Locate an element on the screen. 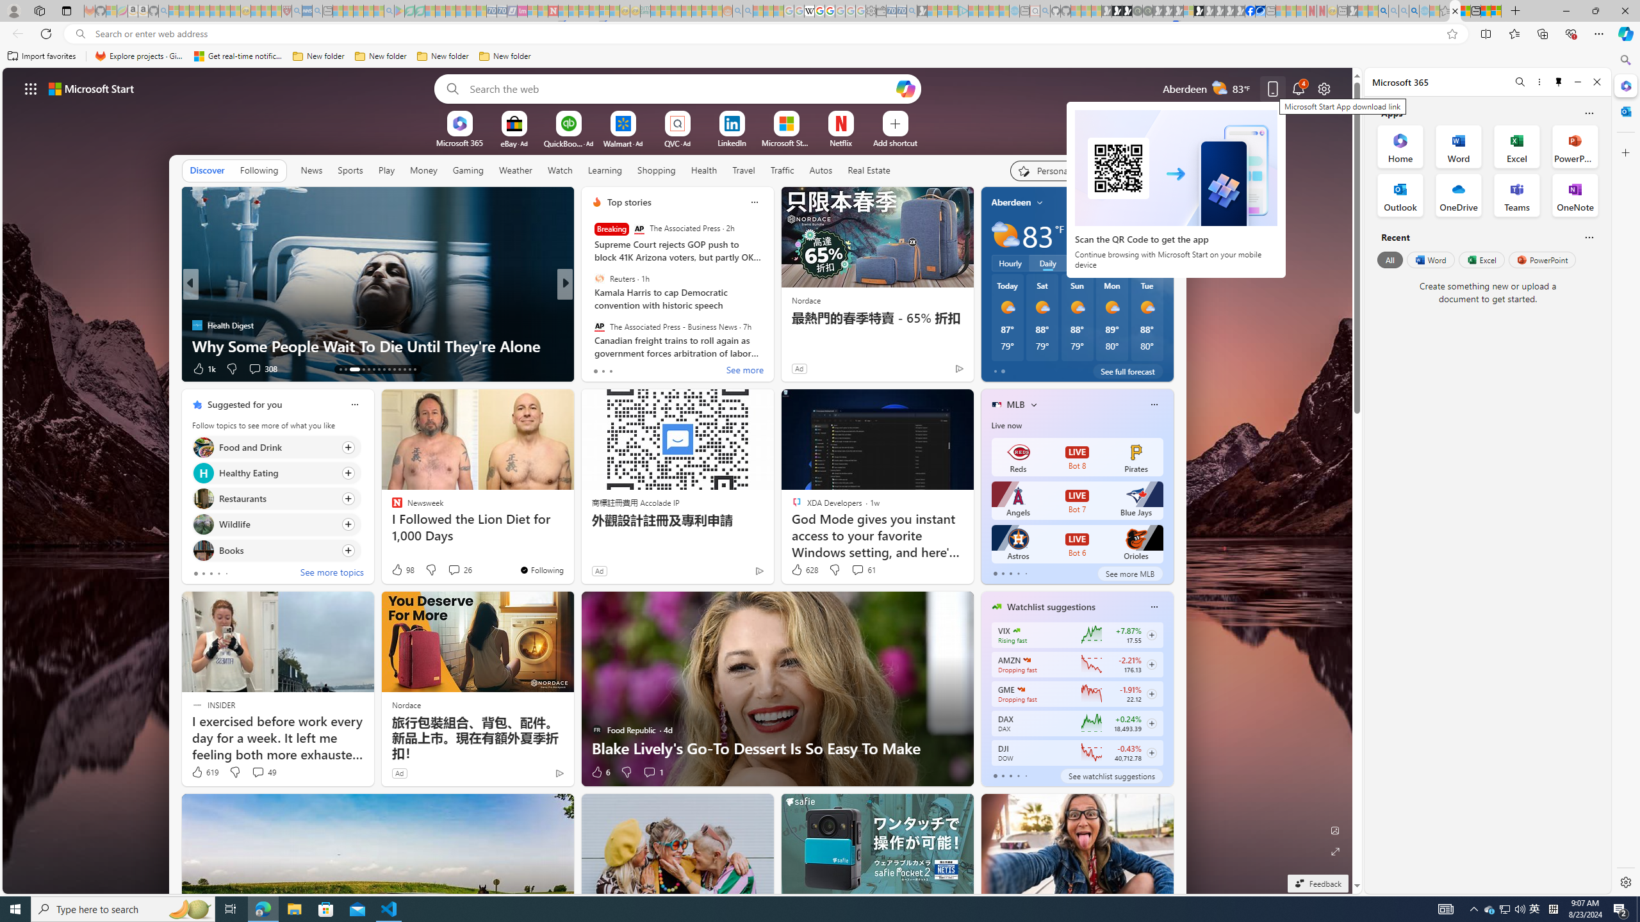 This screenshot has height=922, width=1640. 'tab-3' is located at coordinates (1017, 775).